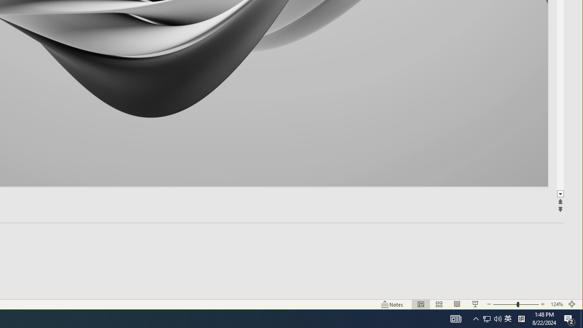 This screenshot has height=328, width=583. I want to click on 'Zoom 124%', so click(556, 304).